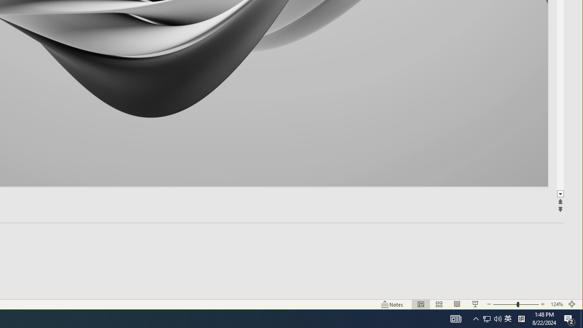 This screenshot has height=328, width=583. I want to click on 'Zoom 124%', so click(556, 304).